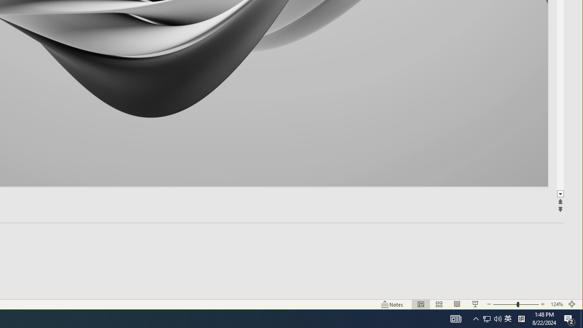 This screenshot has height=328, width=583. I want to click on 'Zoom 124%', so click(556, 304).